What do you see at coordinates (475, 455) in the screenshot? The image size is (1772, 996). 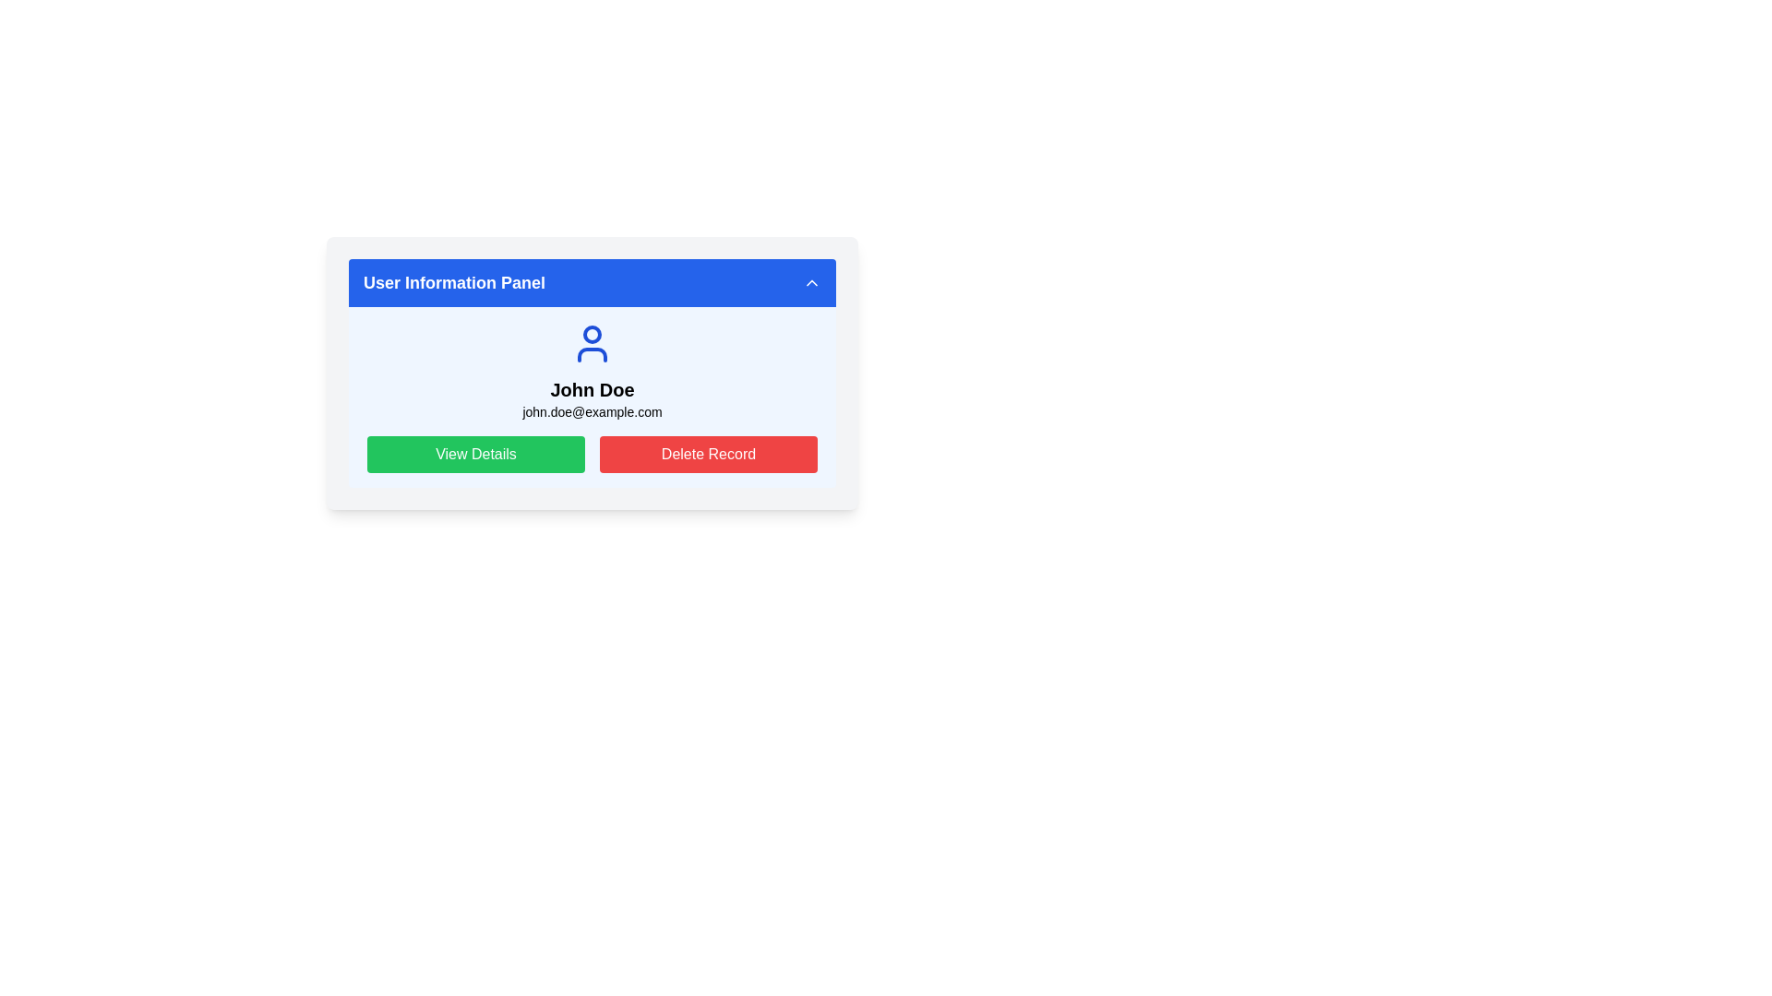 I see `the button located in the 'User Information Panel' below the user details` at bounding box center [475, 455].